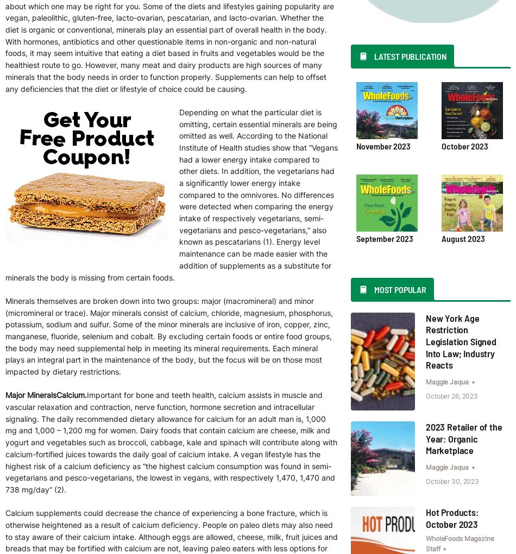  Describe the element at coordinates (464, 145) in the screenshot. I see `'October 2023'` at that location.